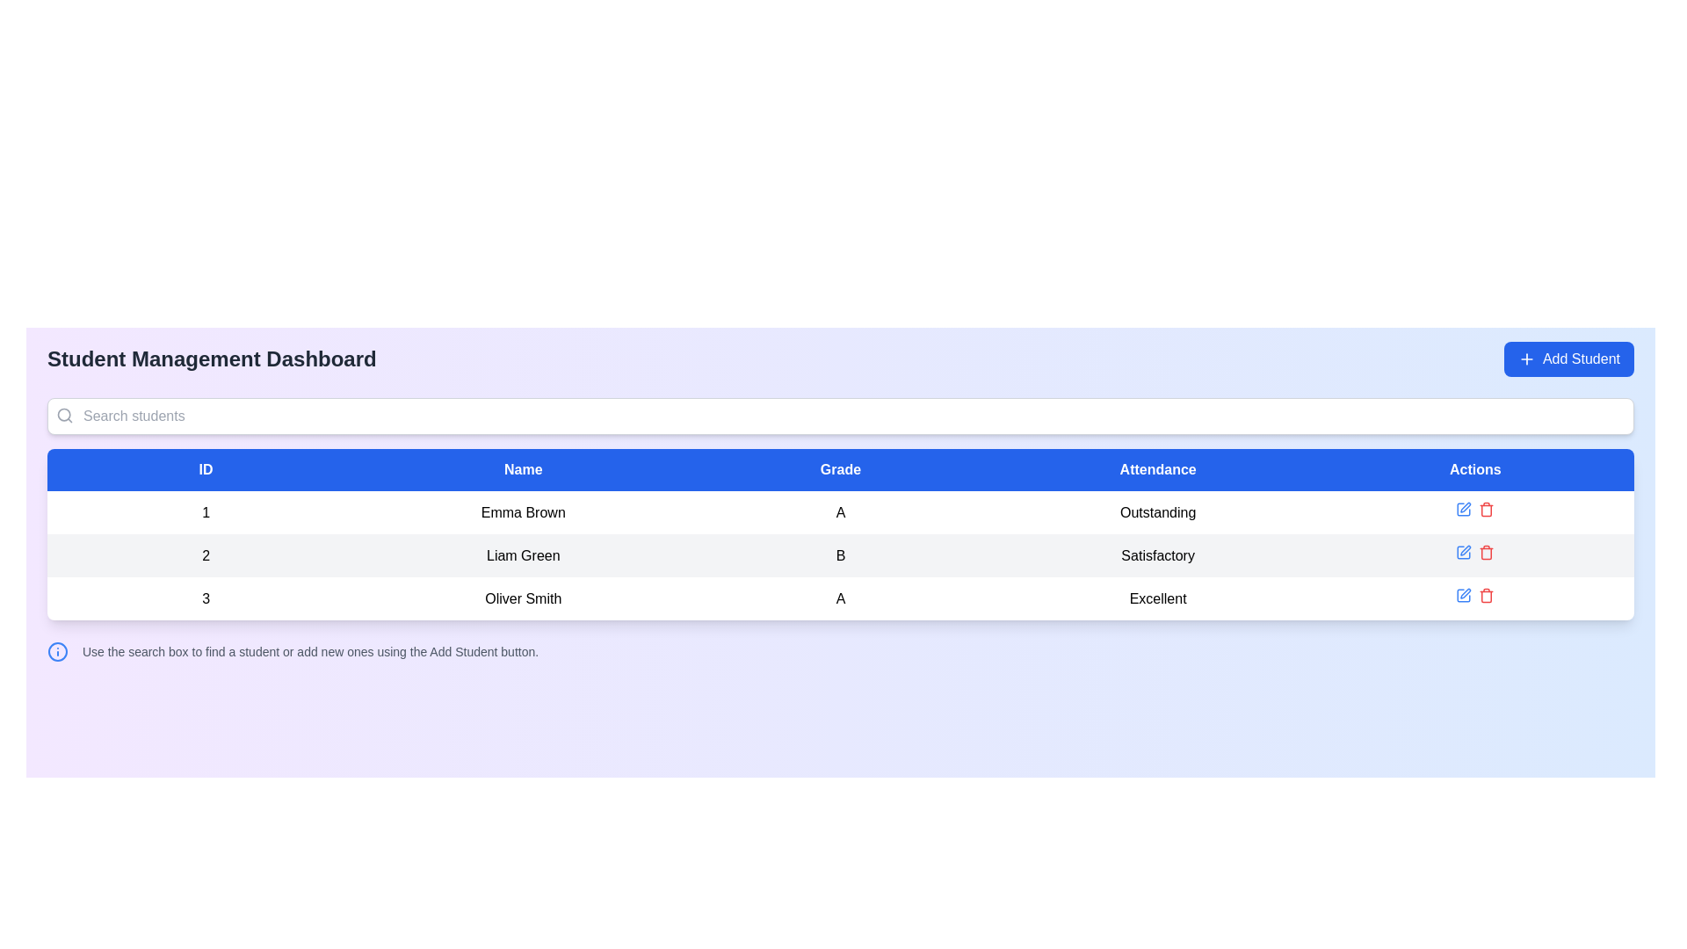  Describe the element at coordinates (1464, 509) in the screenshot. I see `the edit action button for the student record of 'Emma Brown'` at that location.